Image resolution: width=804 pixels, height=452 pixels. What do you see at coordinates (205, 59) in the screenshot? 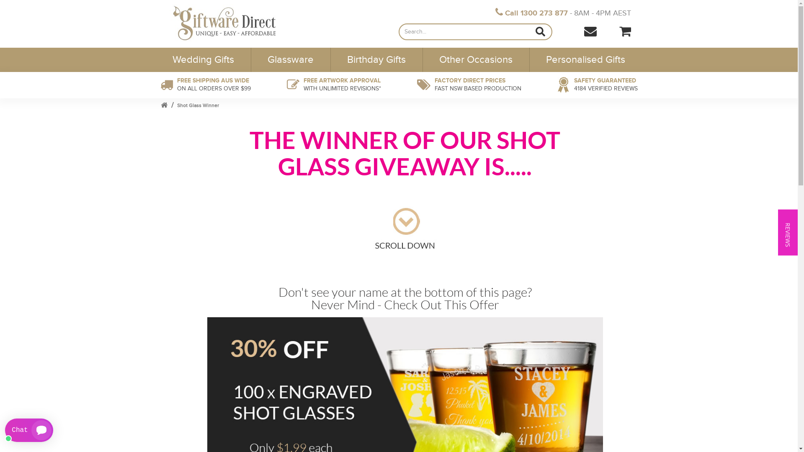
I see `'Wedding Gifts'` at bounding box center [205, 59].